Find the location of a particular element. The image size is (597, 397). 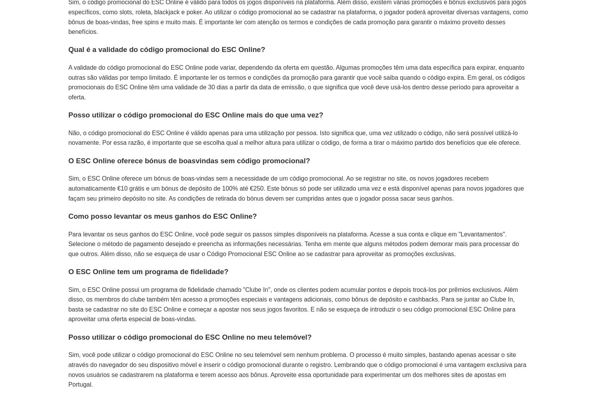

'Como posso levantar os meus ganhos do ESC Online?' is located at coordinates (162, 215).